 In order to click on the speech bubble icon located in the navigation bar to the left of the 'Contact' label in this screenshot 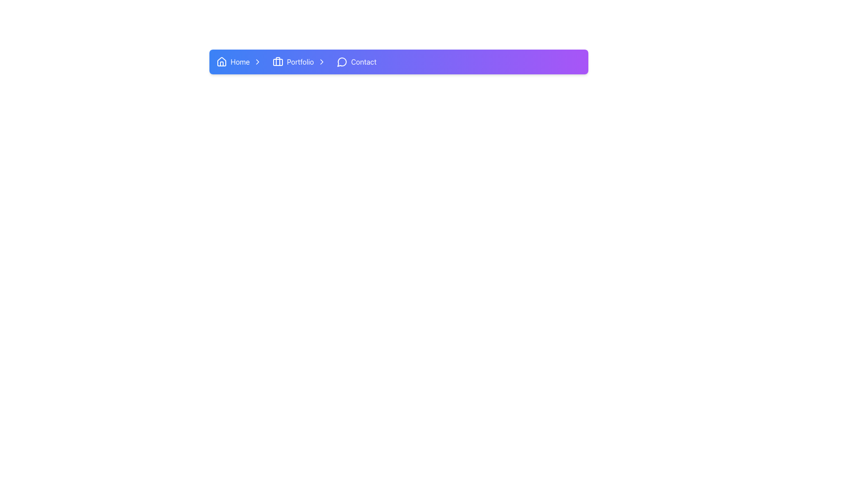, I will do `click(341, 62)`.